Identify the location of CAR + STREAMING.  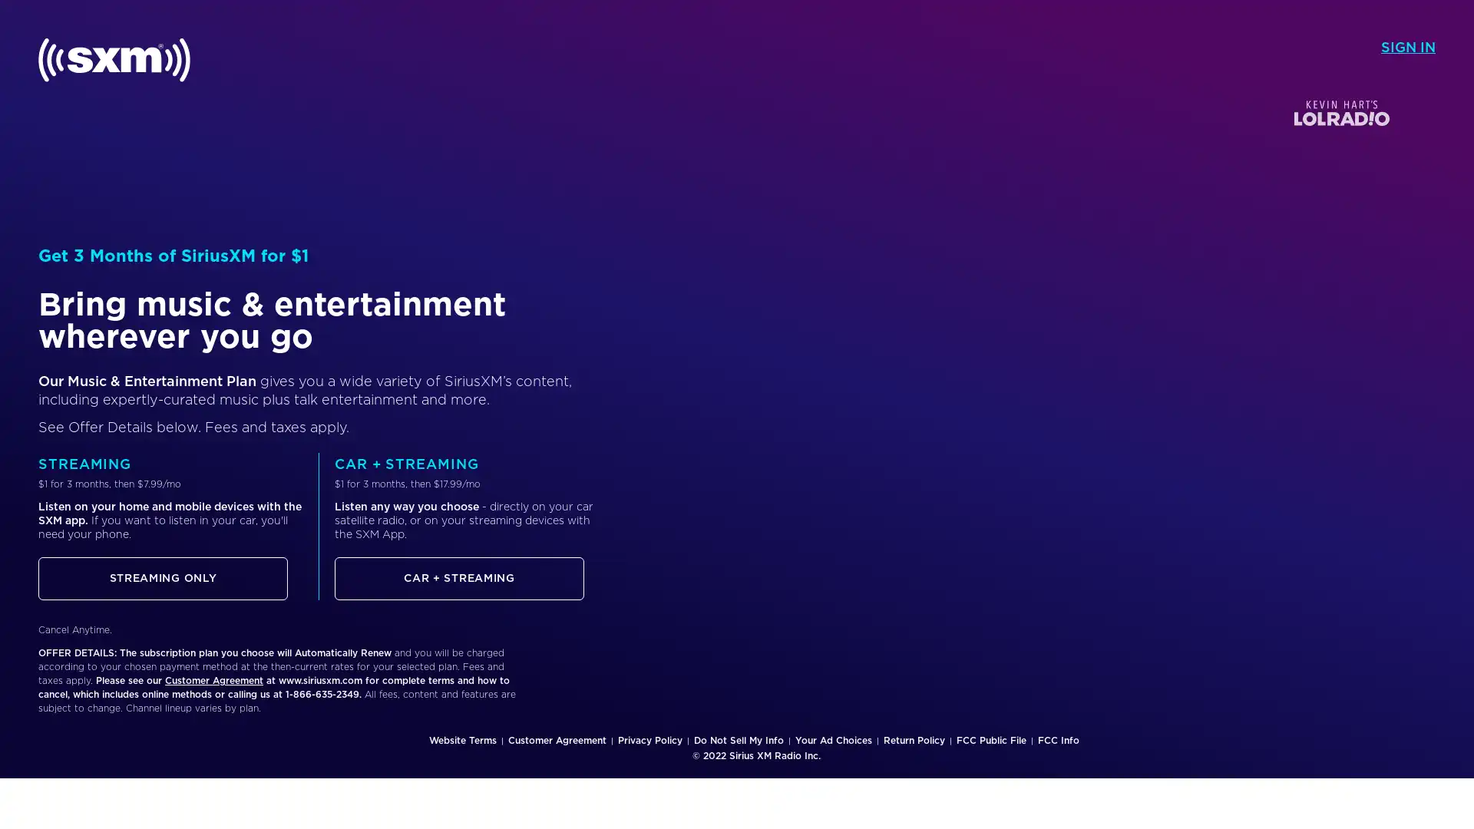
(458, 578).